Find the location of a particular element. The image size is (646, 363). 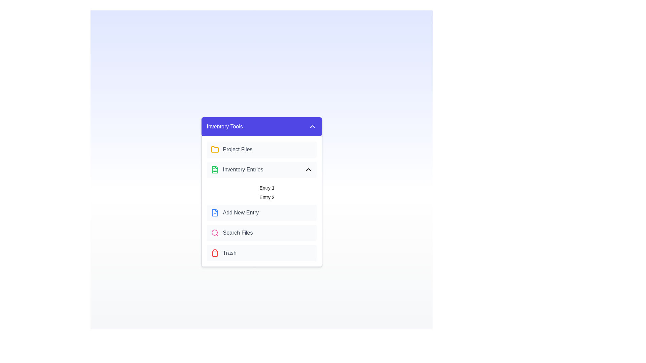

the upwards-pointing chevron icon on the right side of the 'Inventory Tools' button is located at coordinates (312, 127).